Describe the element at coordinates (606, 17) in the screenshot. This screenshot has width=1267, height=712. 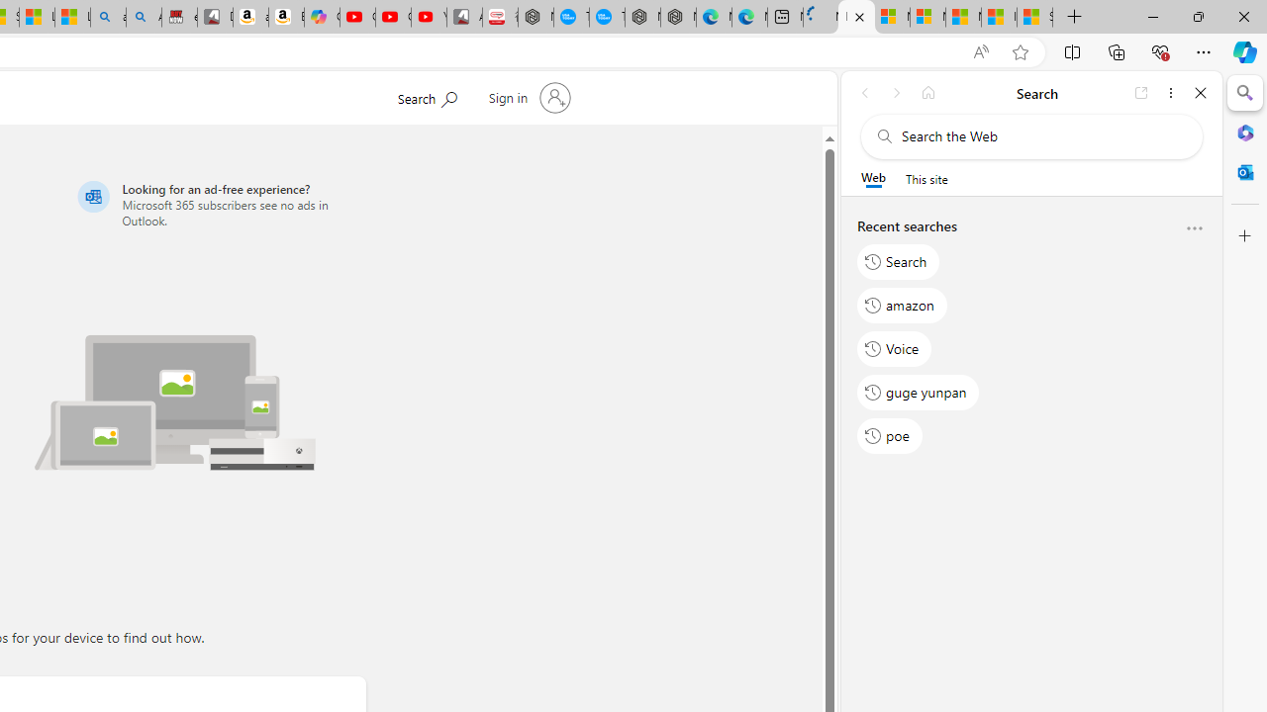
I see `'The most popular Google '` at that location.